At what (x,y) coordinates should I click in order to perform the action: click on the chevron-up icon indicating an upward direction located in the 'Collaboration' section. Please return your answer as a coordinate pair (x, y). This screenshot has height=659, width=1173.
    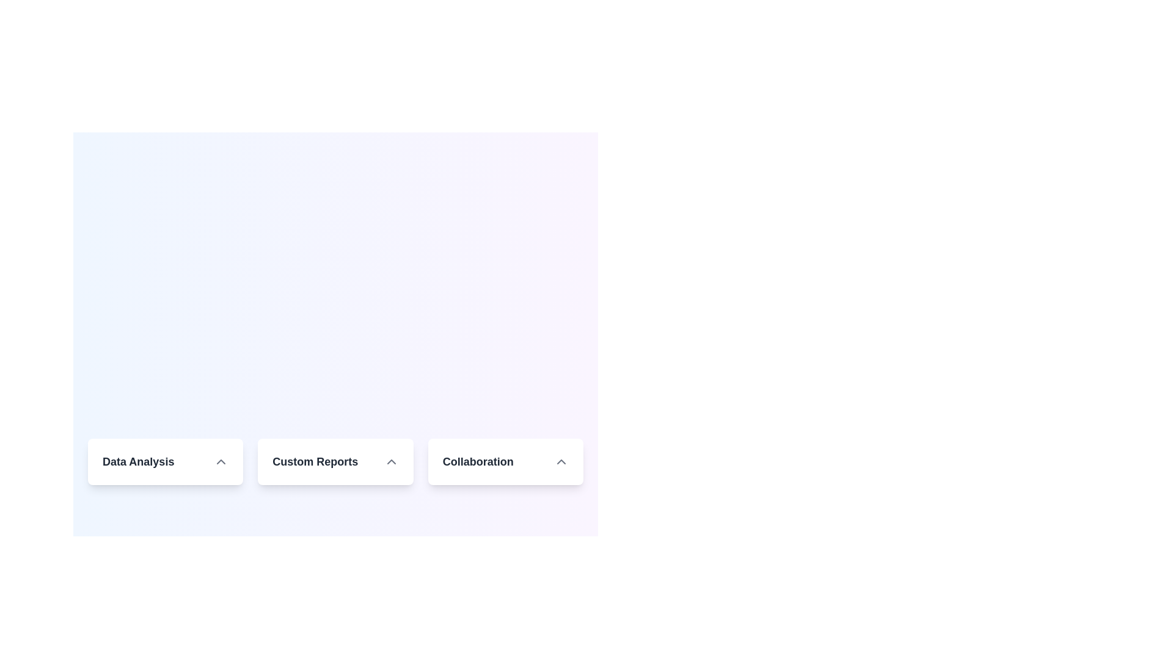
    Looking at the image, I should click on (560, 461).